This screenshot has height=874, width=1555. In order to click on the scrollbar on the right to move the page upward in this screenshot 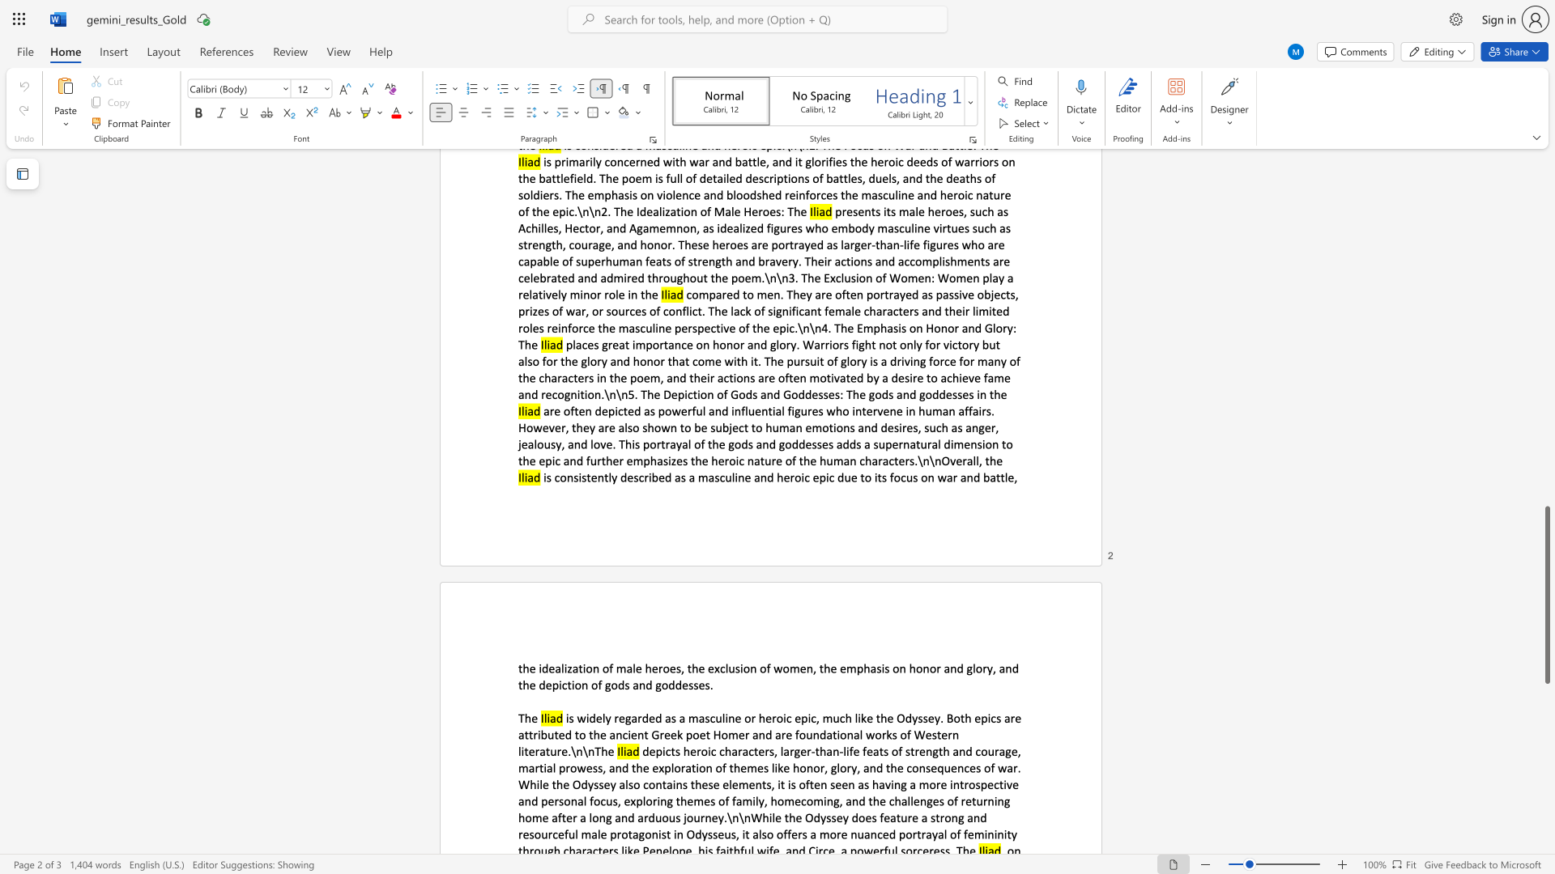, I will do `click(1546, 234)`.